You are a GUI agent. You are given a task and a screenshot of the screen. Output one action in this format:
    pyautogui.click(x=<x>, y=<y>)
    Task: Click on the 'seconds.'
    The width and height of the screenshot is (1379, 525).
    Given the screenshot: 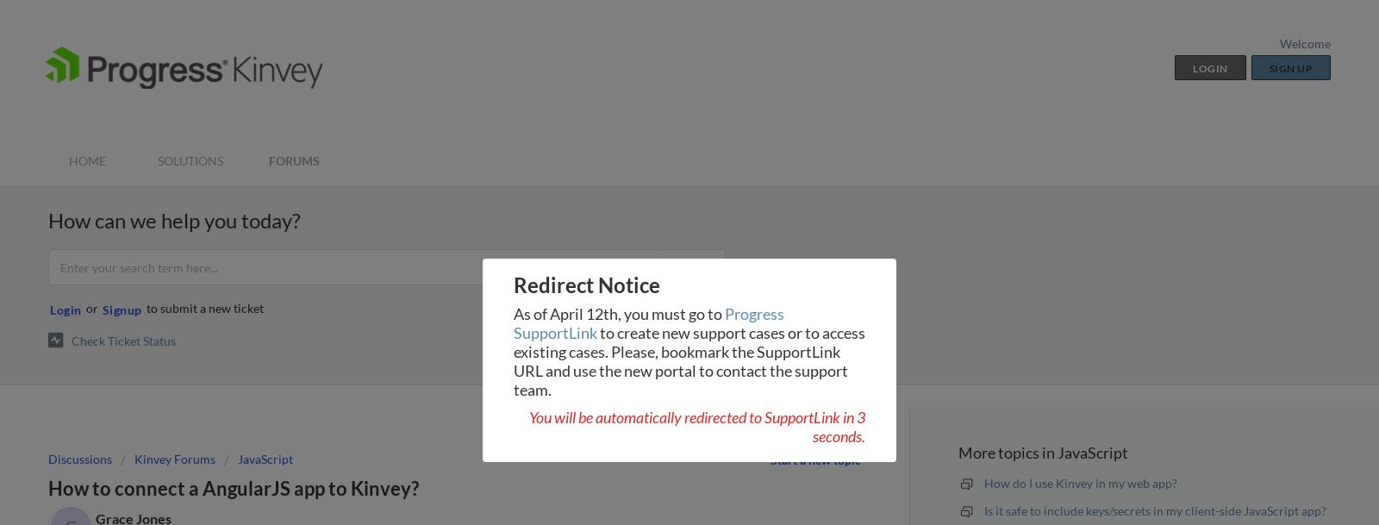 What is the action you would take?
    pyautogui.click(x=838, y=435)
    